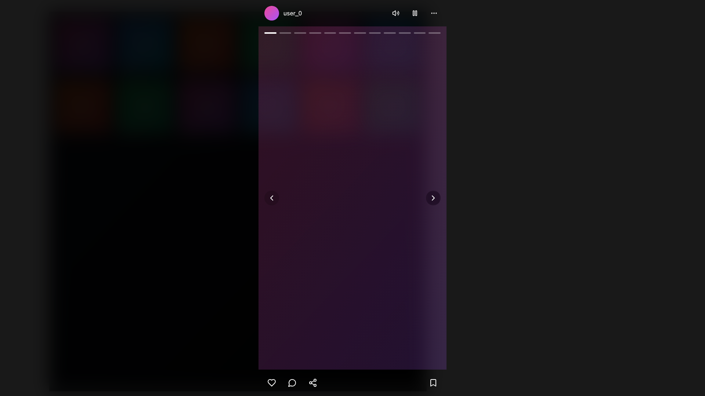  What do you see at coordinates (283, 13) in the screenshot?
I see `the user identifier composite component that displays the avatar and text label` at bounding box center [283, 13].